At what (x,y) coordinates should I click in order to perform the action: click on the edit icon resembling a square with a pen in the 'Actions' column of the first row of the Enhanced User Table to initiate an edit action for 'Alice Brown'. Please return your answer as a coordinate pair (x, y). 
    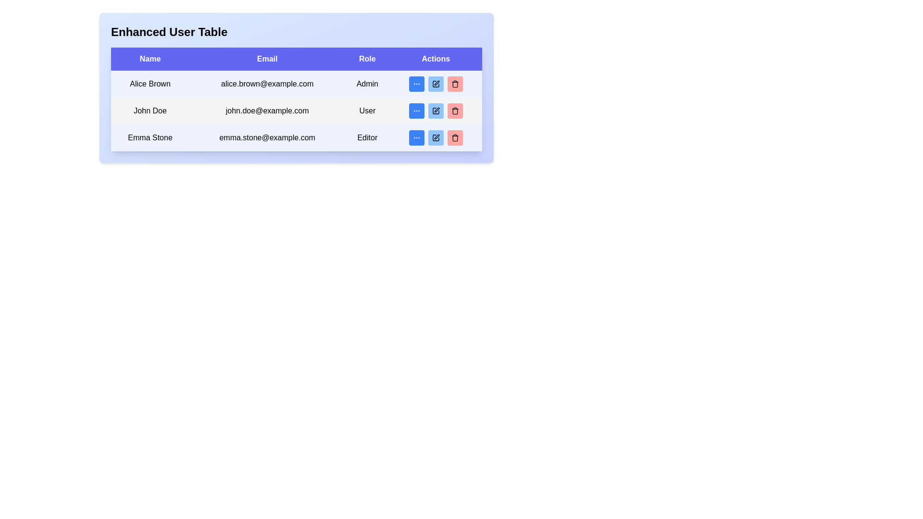
    Looking at the image, I should click on (436, 83).